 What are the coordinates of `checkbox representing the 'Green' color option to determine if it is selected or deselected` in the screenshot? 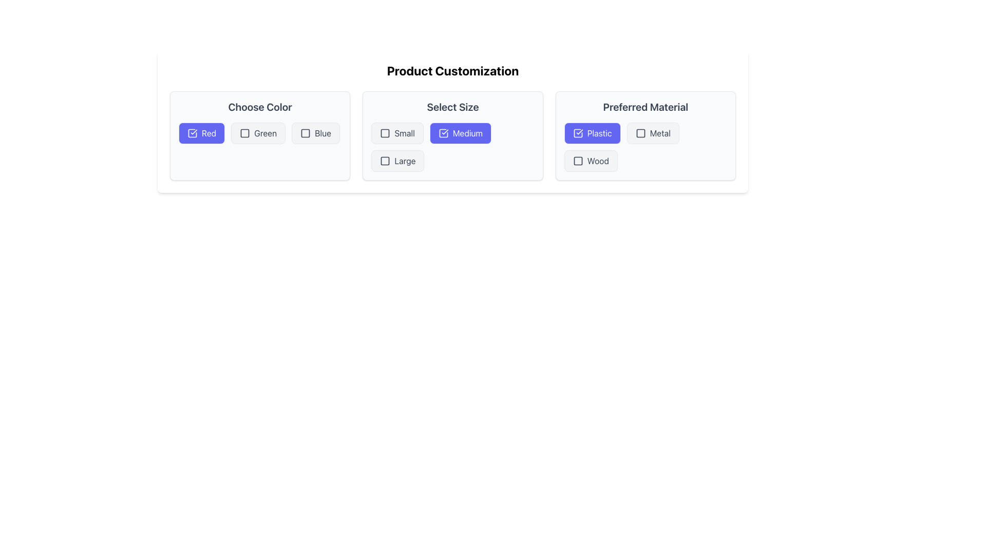 It's located at (244, 132).